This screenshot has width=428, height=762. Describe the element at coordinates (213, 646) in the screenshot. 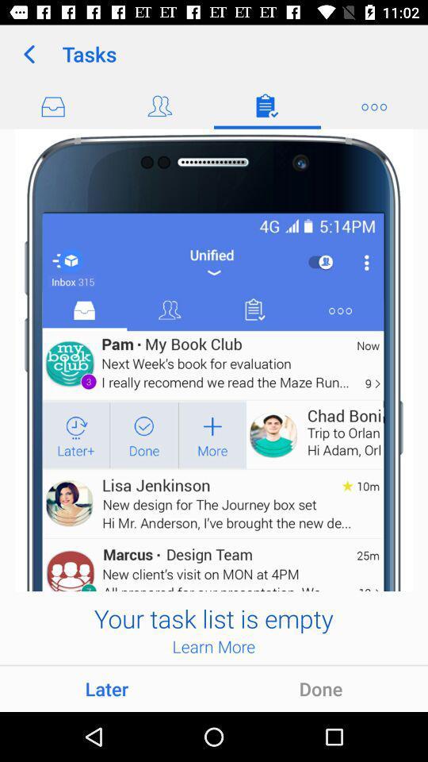

I see `learn more item` at that location.